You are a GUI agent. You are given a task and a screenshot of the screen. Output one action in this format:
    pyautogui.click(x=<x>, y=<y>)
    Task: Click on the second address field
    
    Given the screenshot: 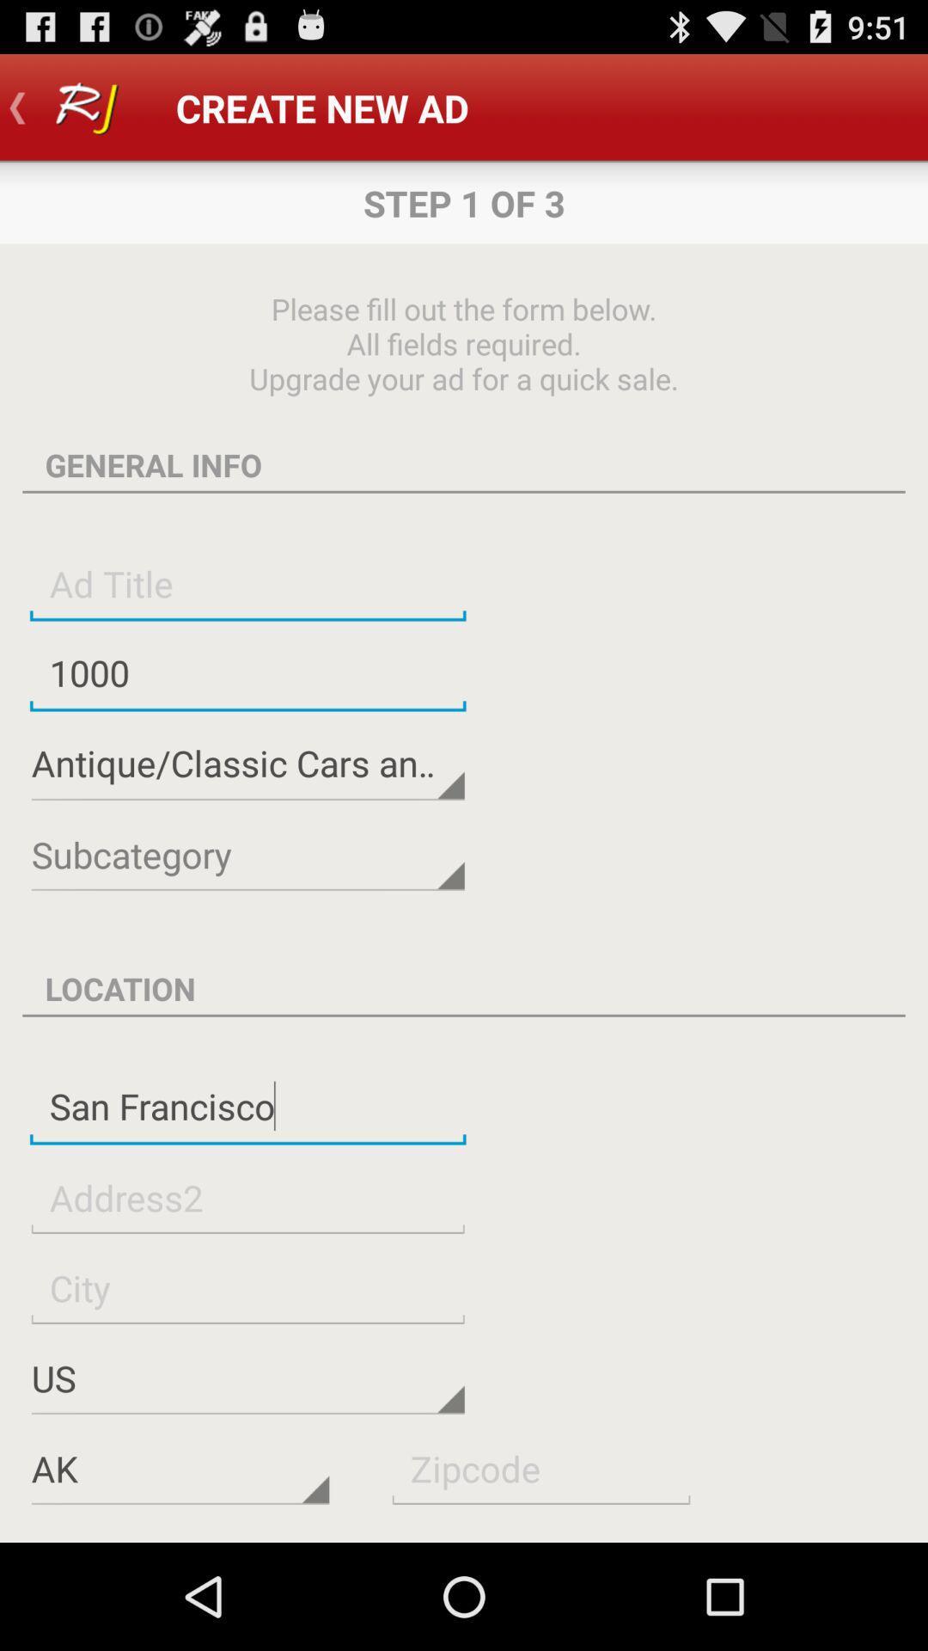 What is the action you would take?
    pyautogui.click(x=247, y=1196)
    